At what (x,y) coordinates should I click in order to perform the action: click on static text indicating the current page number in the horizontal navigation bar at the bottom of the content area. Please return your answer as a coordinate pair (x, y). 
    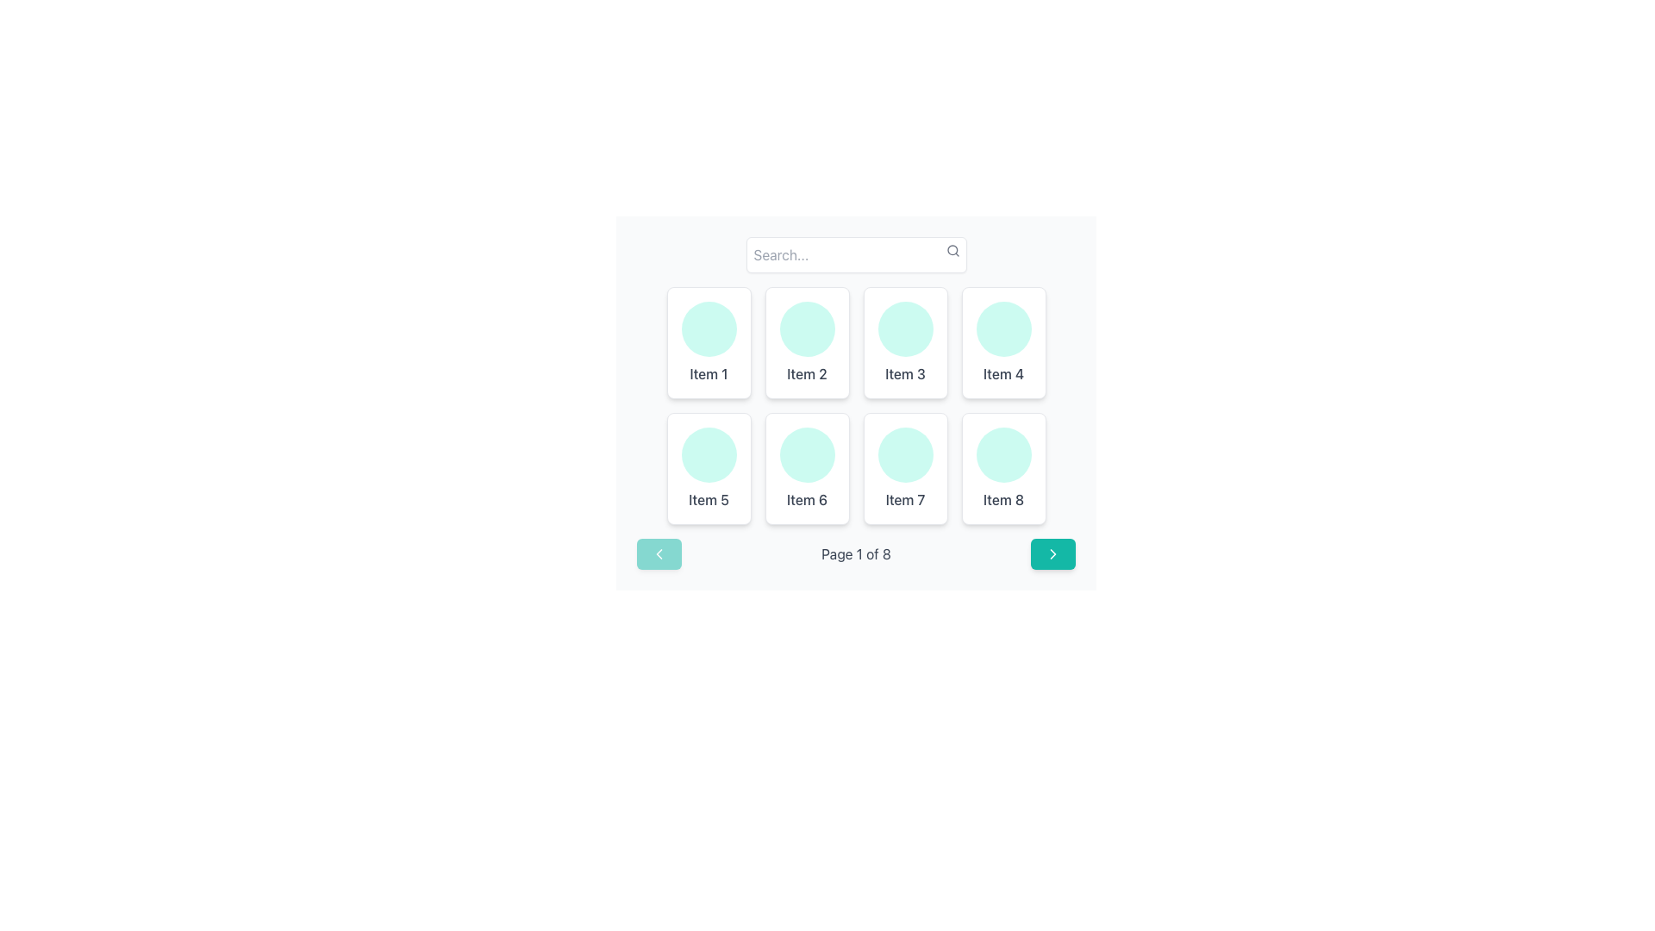
    Looking at the image, I should click on (856, 554).